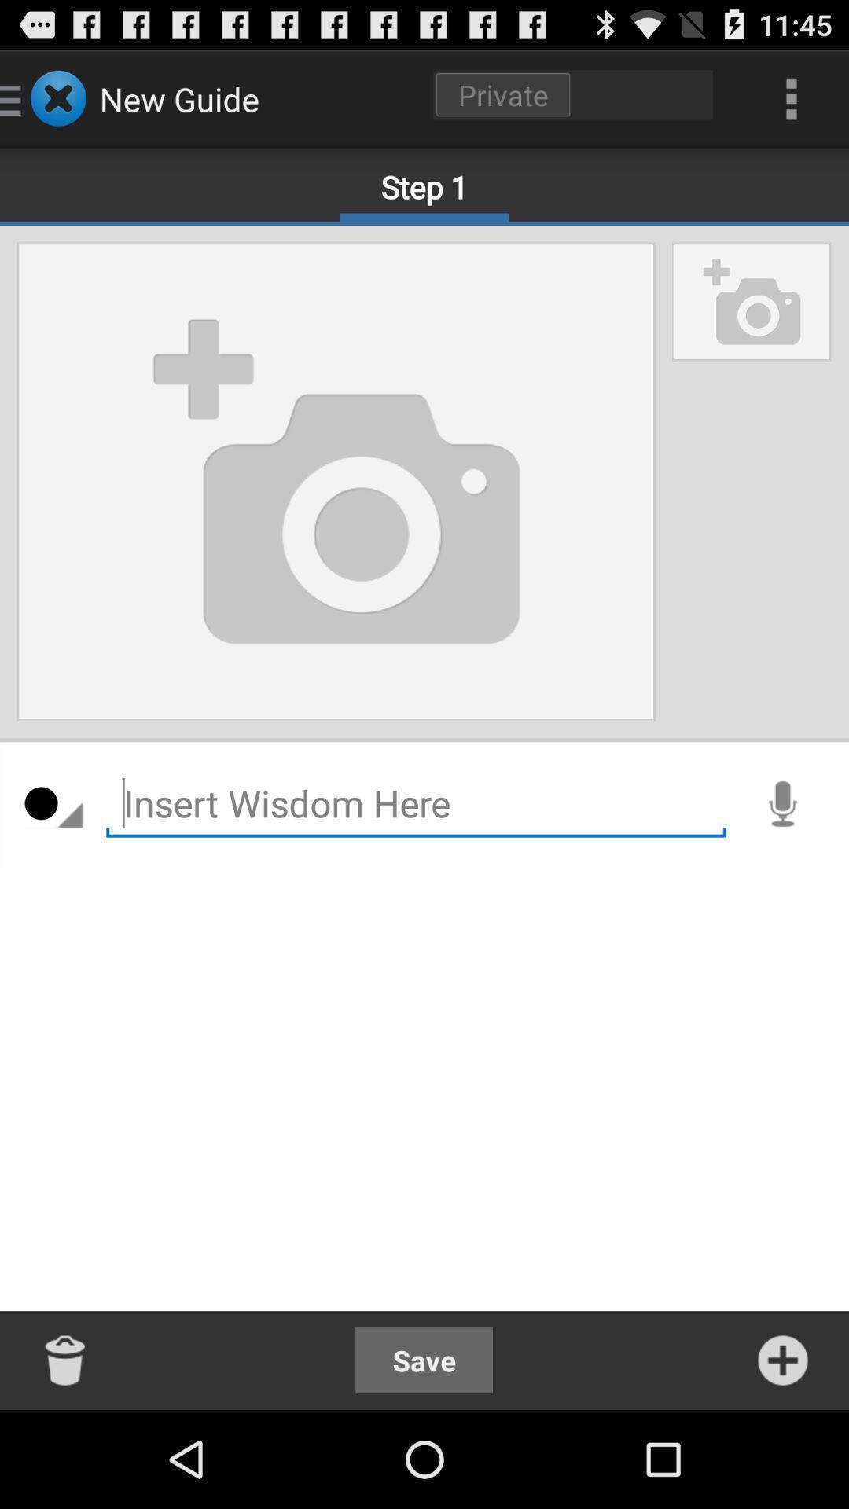 The height and width of the screenshot is (1509, 849). What do you see at coordinates (423, 1360) in the screenshot?
I see `the save button` at bounding box center [423, 1360].